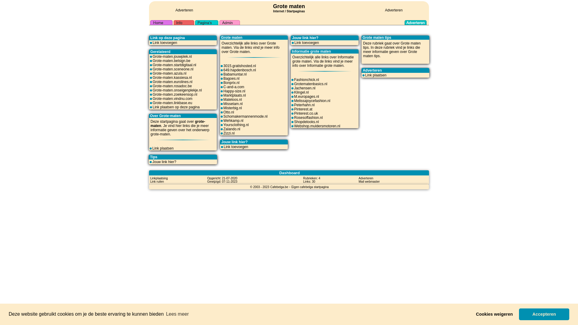  What do you see at coordinates (294, 92) in the screenshot?
I see `'Klingel.nl'` at bounding box center [294, 92].